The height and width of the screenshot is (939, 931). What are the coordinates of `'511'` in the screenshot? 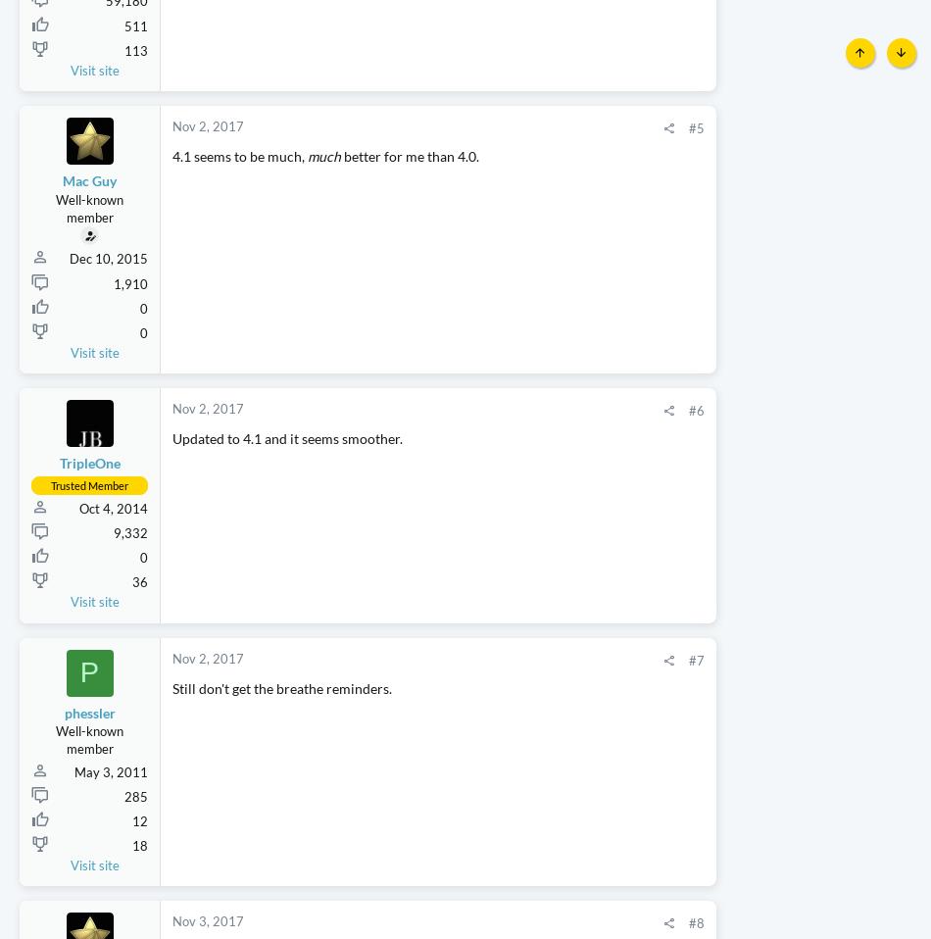 It's located at (135, 82).